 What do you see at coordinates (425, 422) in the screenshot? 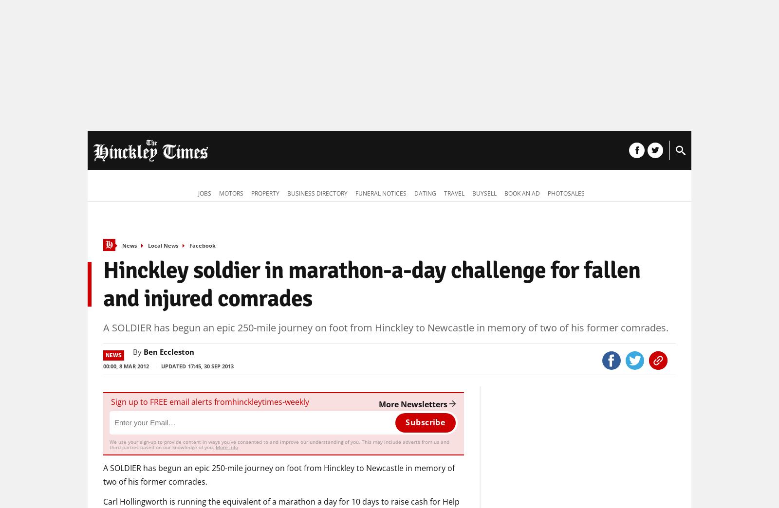
I see `'Subscribe'` at bounding box center [425, 422].